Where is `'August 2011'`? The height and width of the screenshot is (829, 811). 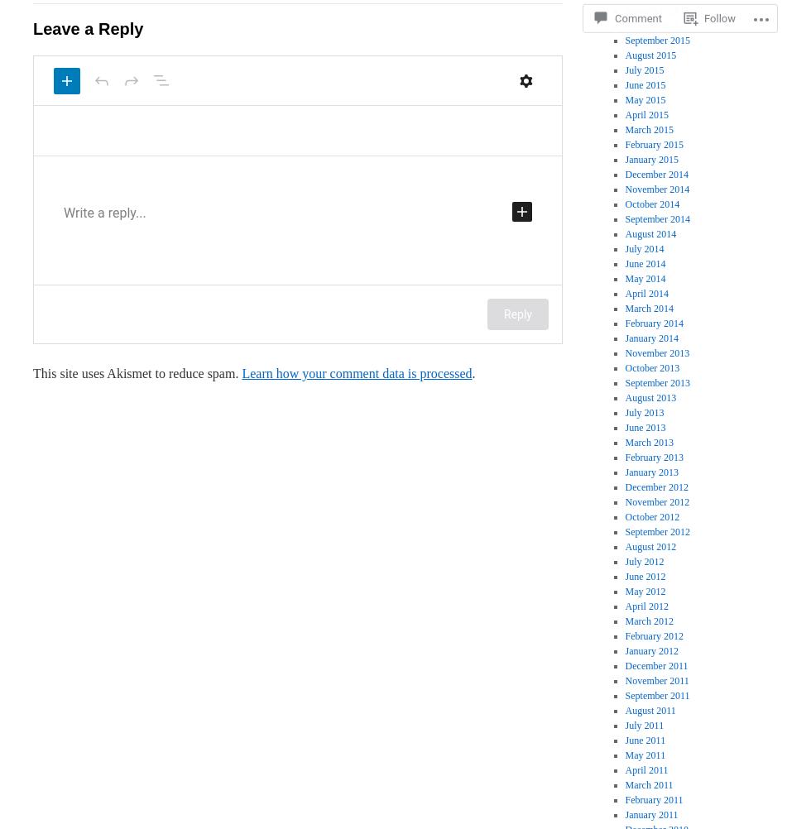 'August 2011' is located at coordinates (650, 711).